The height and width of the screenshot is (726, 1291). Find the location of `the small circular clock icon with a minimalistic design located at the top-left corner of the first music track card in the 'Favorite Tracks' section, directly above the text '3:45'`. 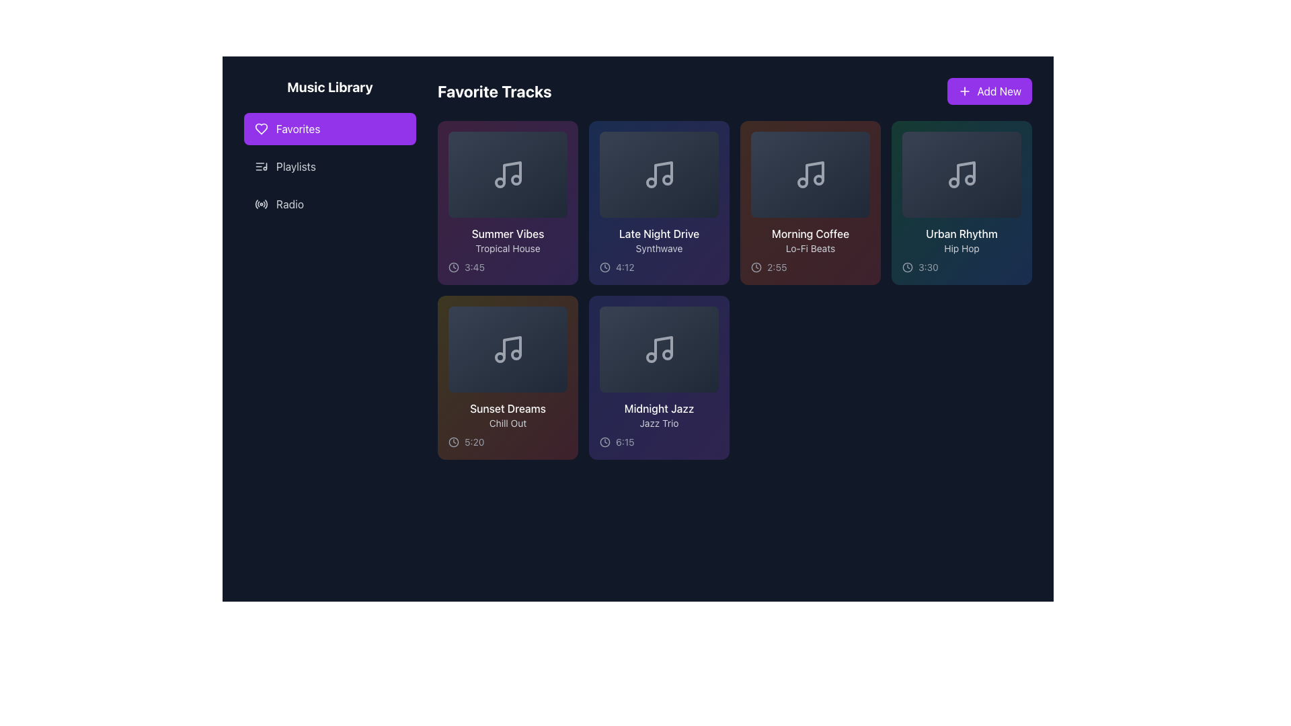

the small circular clock icon with a minimalistic design located at the top-left corner of the first music track card in the 'Favorite Tracks' section, directly above the text '3:45' is located at coordinates (454, 267).